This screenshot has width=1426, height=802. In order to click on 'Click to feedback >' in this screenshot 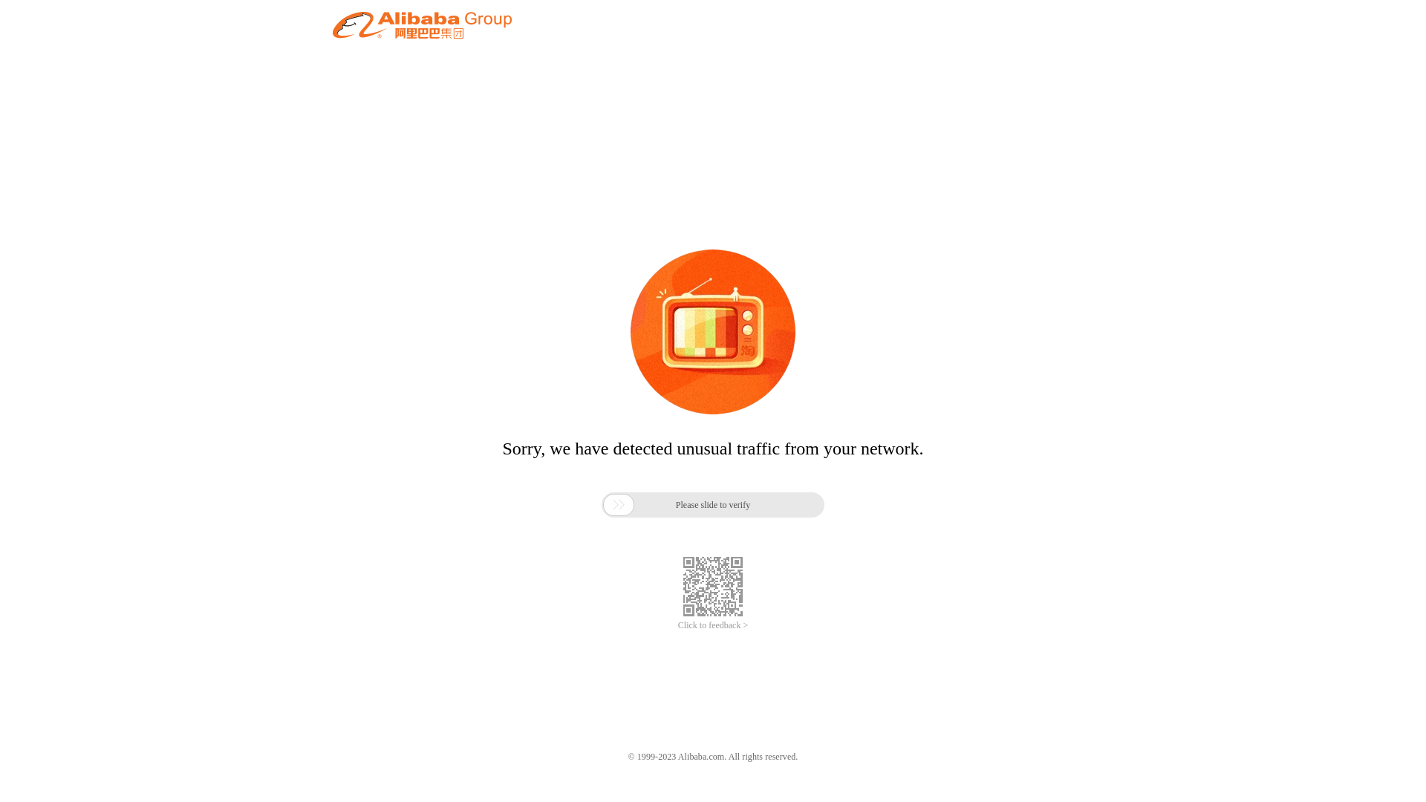, I will do `click(713, 625)`.